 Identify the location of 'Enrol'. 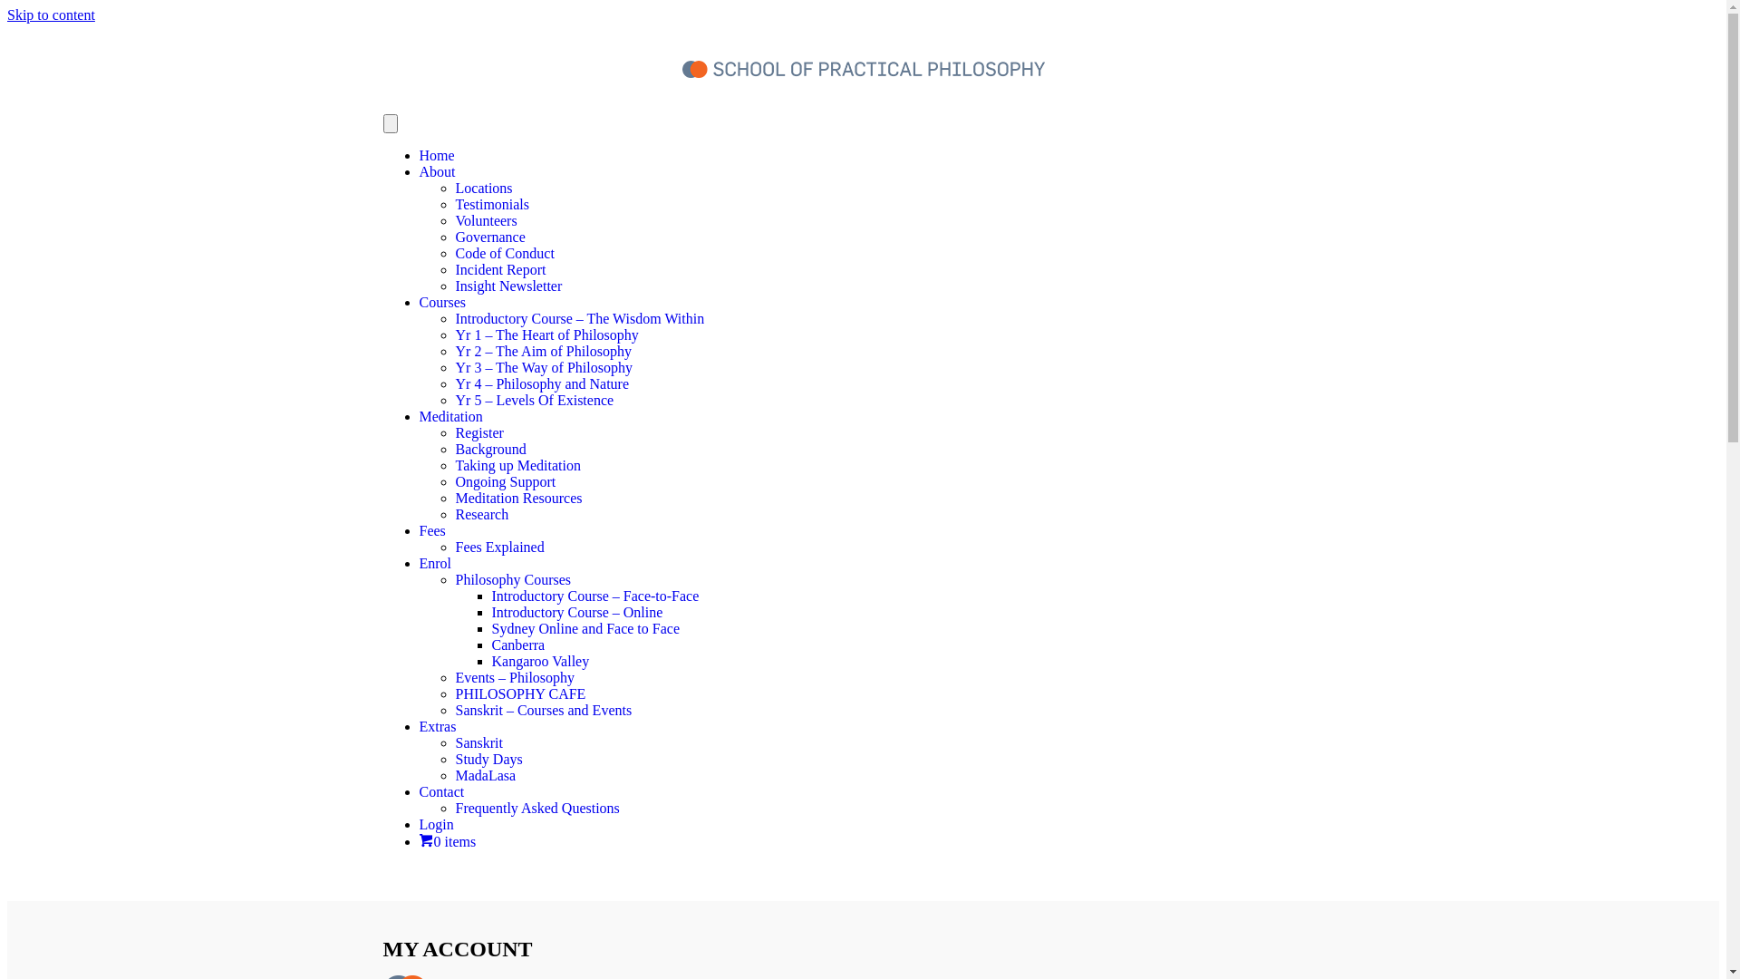
(435, 562).